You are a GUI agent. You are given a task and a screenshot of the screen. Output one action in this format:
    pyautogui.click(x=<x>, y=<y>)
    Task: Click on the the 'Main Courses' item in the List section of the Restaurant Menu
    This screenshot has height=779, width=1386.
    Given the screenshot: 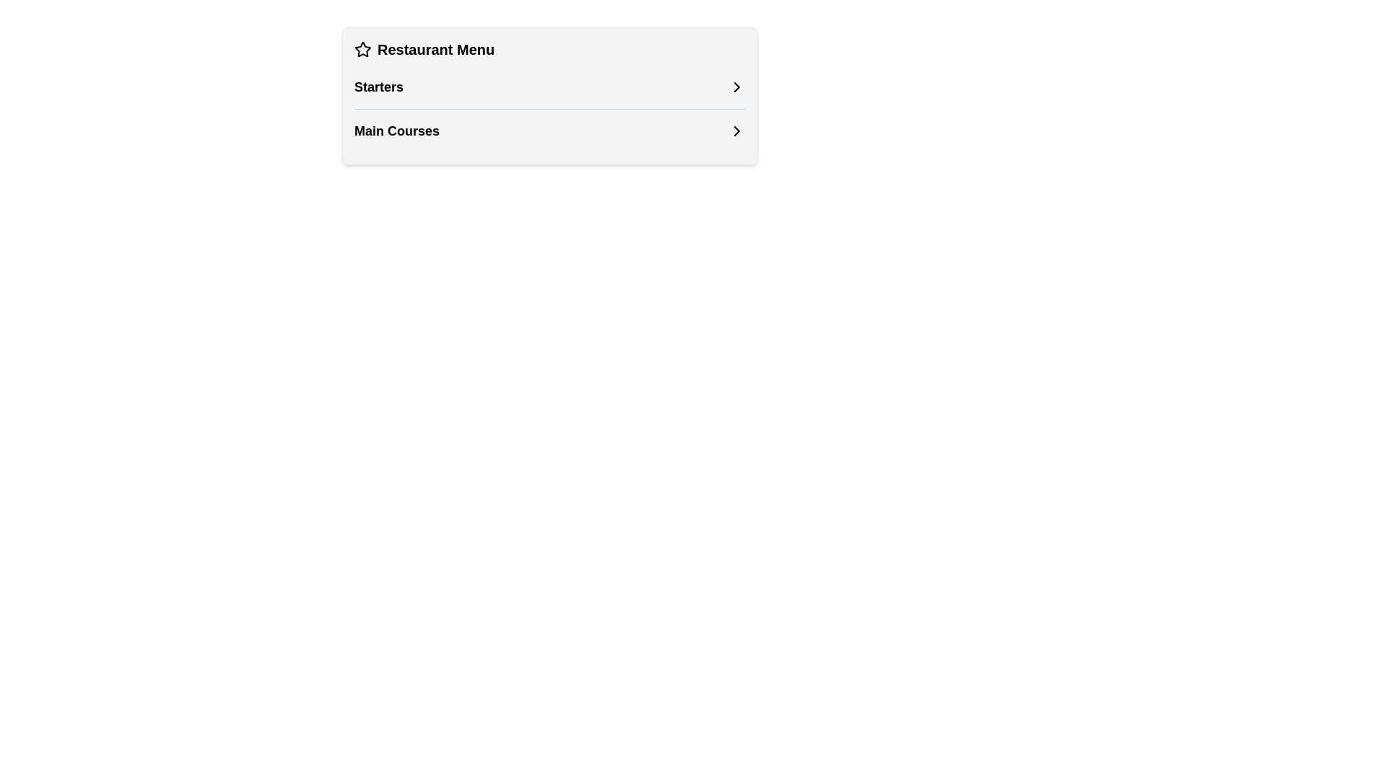 What is the action you would take?
    pyautogui.click(x=549, y=107)
    